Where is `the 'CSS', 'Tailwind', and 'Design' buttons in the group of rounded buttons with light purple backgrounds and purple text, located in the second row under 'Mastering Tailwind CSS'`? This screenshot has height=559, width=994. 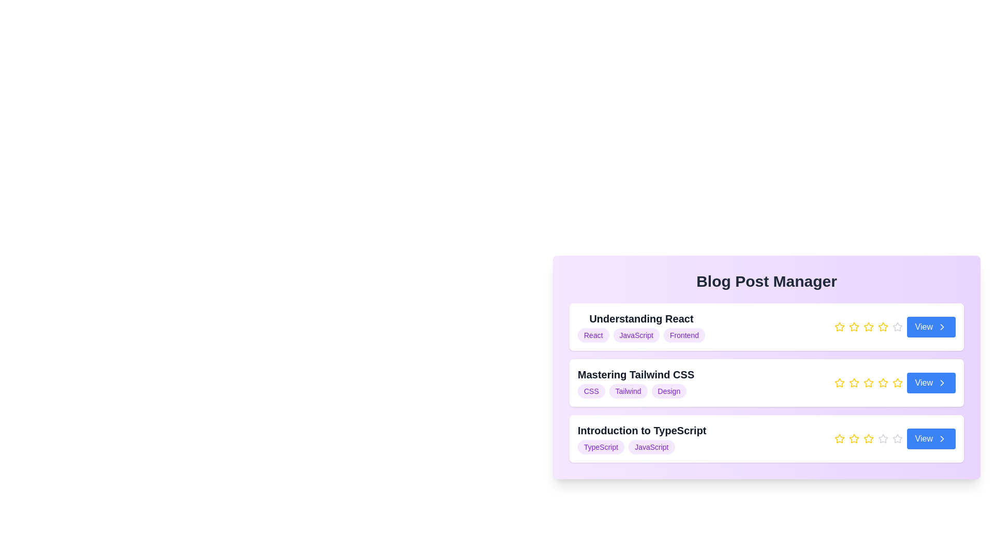 the 'CSS', 'Tailwind', and 'Design' buttons in the group of rounded buttons with light purple backgrounds and purple text, located in the second row under 'Mastering Tailwind CSS' is located at coordinates (635, 391).